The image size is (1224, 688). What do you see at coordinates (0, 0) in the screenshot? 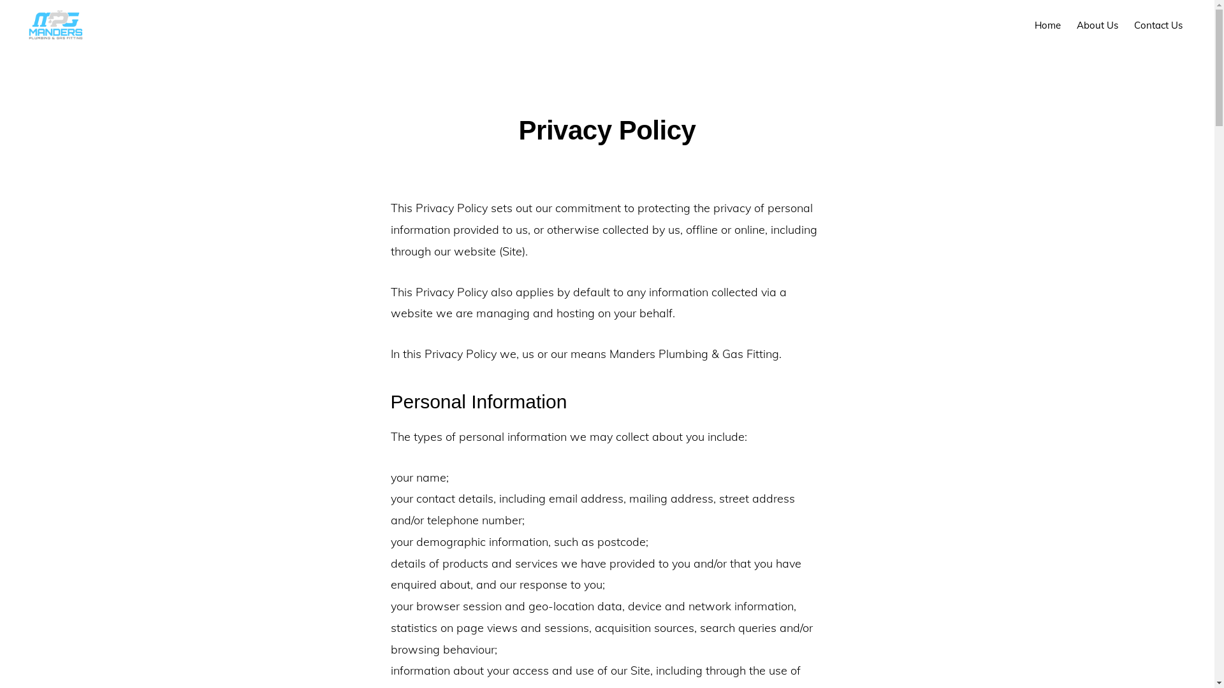
I see `'Skip to primary navigation'` at bounding box center [0, 0].